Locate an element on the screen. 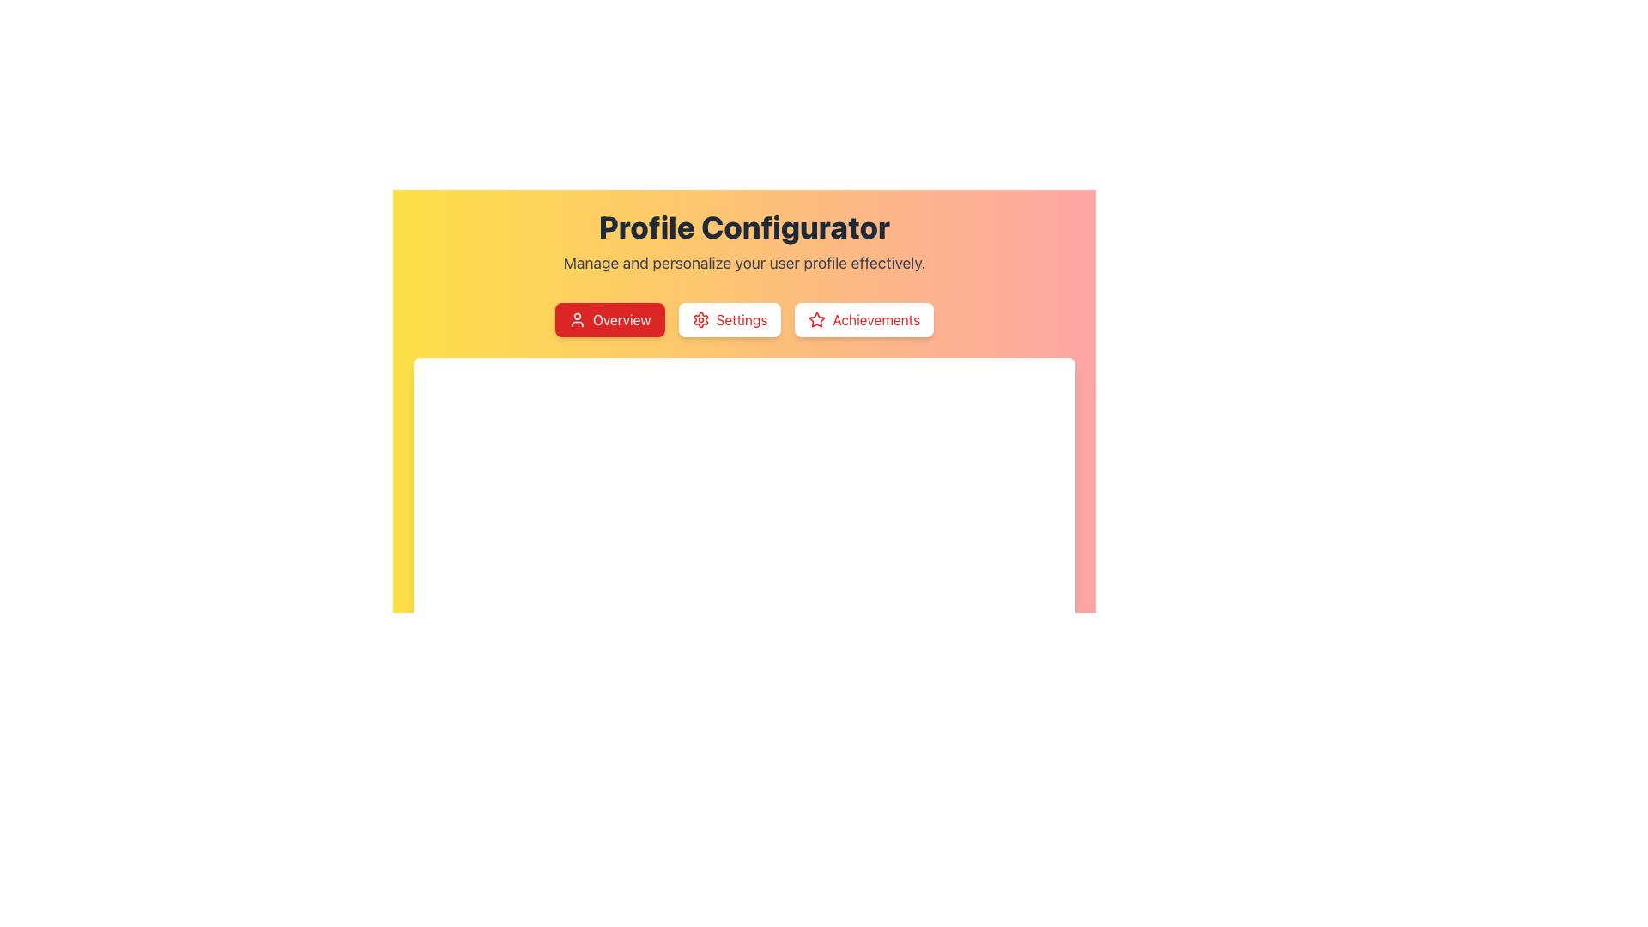  the red gear-shaped icon located on the left side of the 'Settings' button is located at coordinates (700, 320).